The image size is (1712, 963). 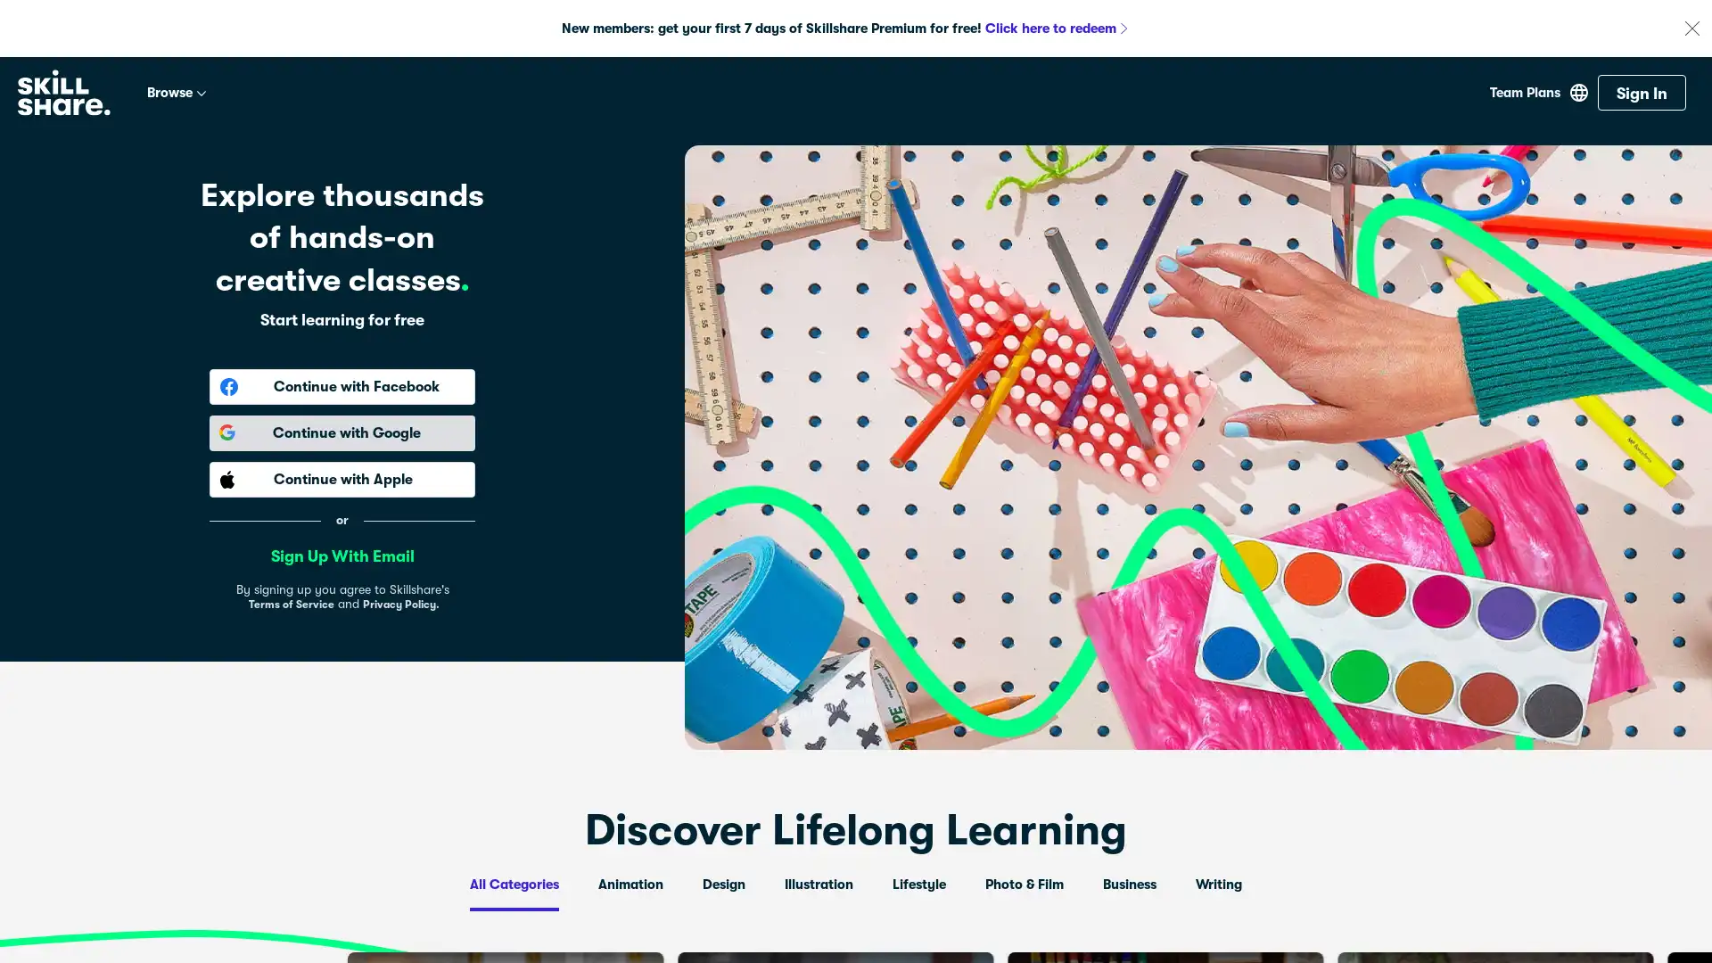 What do you see at coordinates (342, 432) in the screenshot?
I see `Continue with Google` at bounding box center [342, 432].